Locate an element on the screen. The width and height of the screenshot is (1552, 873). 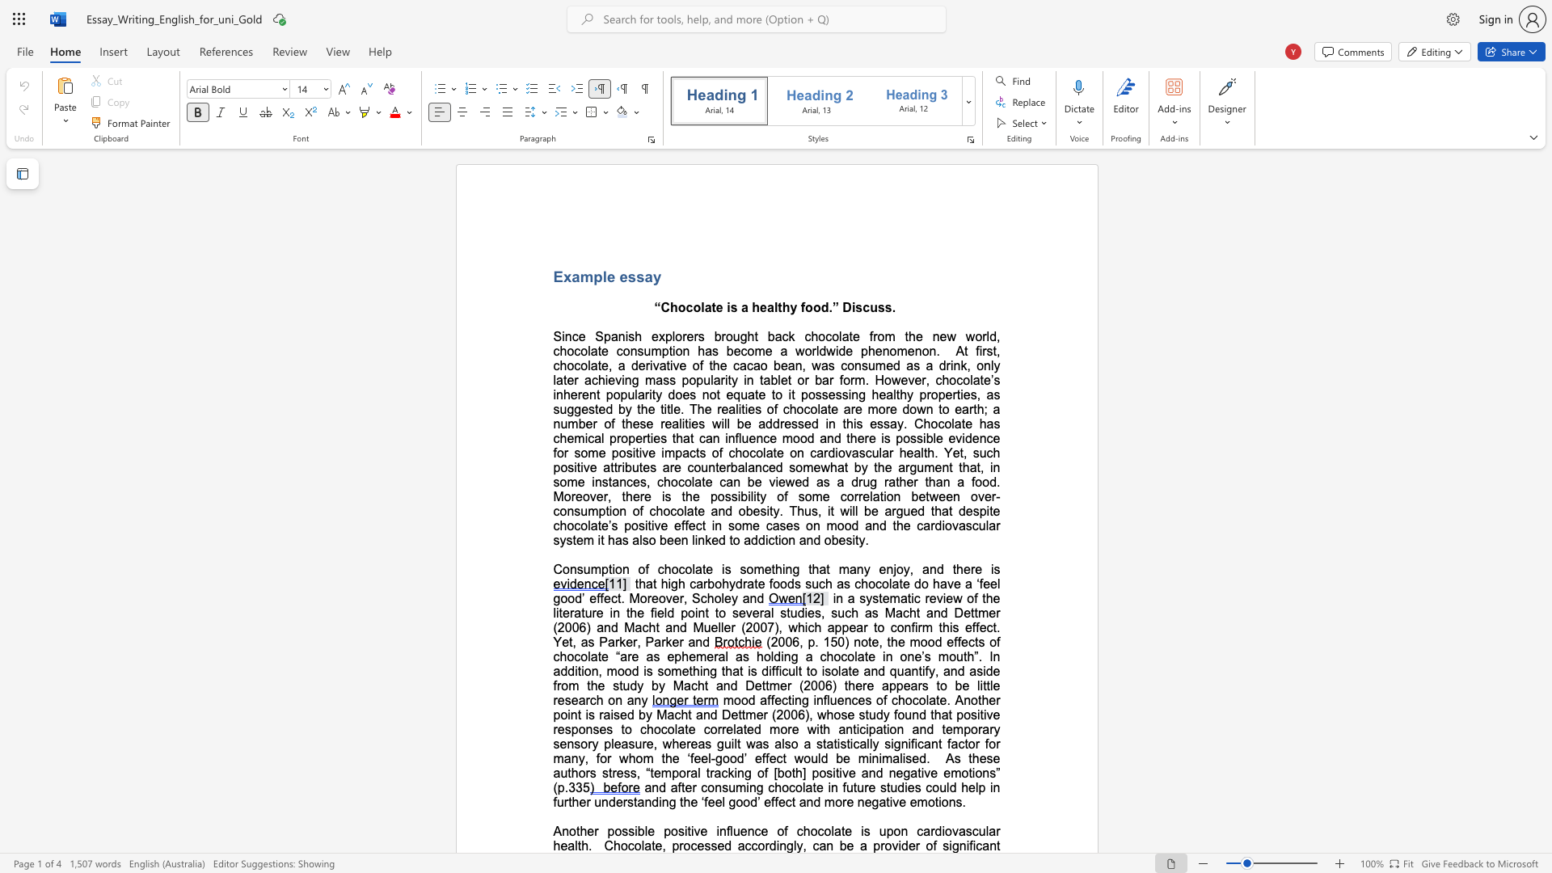
the subset text "ought b" within the text "Since Spanish explorers brought back chocolate from the new world, chocolate consumption has become a worldwide phenomenon" is located at coordinates (724, 335).